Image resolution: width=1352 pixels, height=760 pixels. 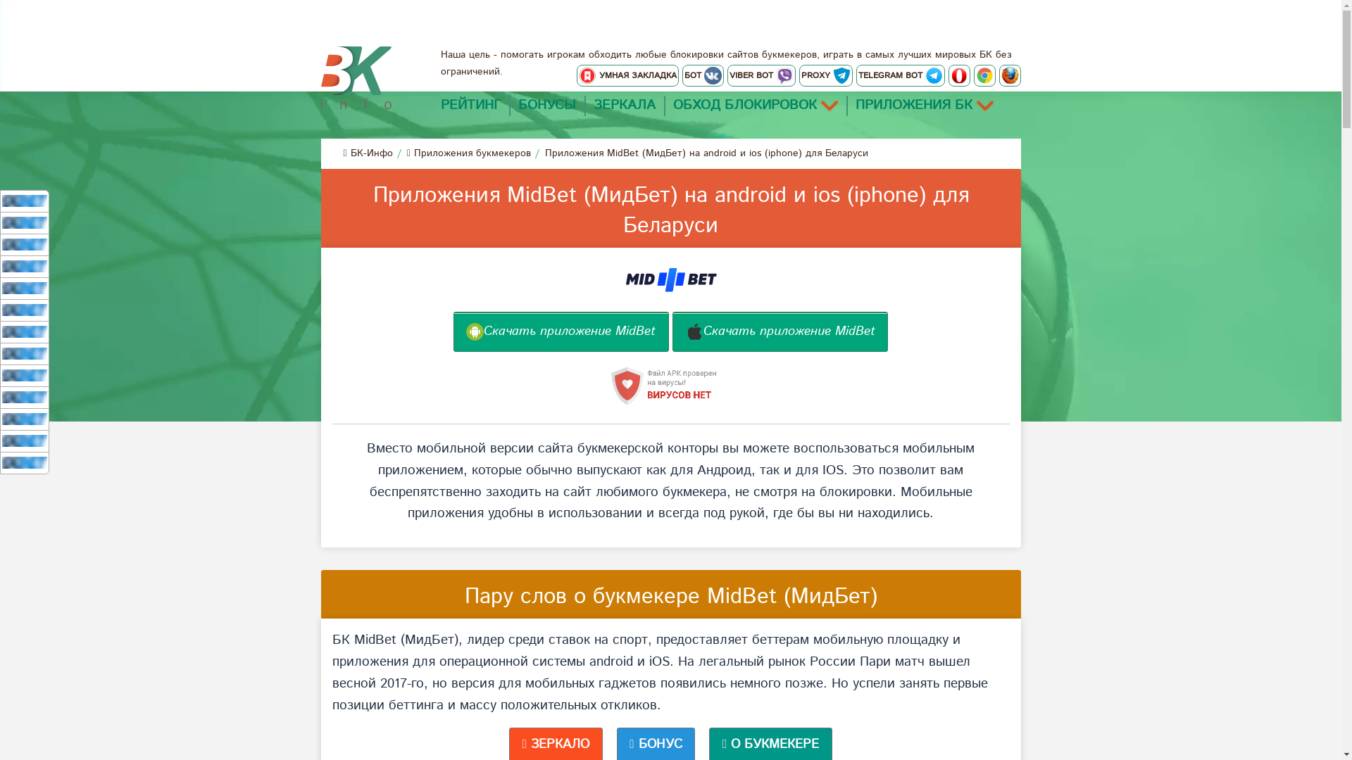 I want to click on 'Pinnacle', so click(x=2, y=266).